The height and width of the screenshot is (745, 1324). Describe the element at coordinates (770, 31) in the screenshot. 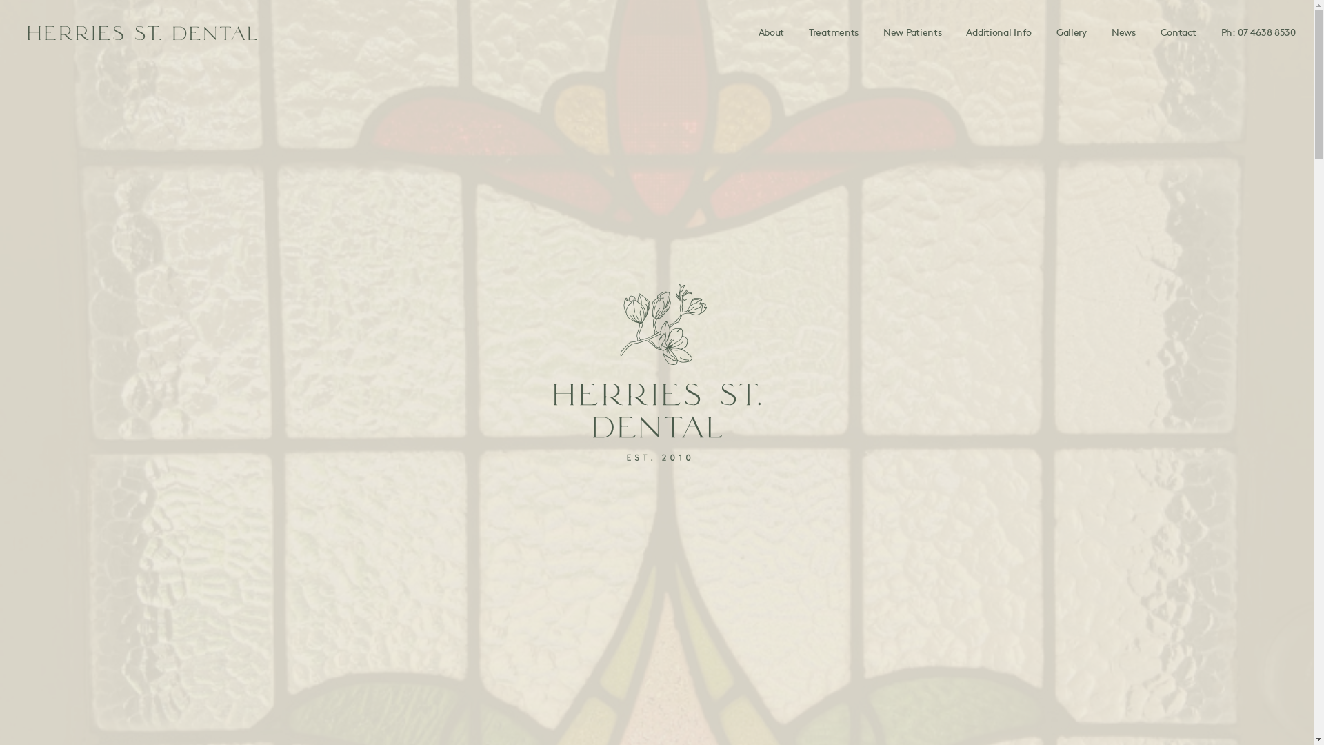

I see `'About'` at that location.